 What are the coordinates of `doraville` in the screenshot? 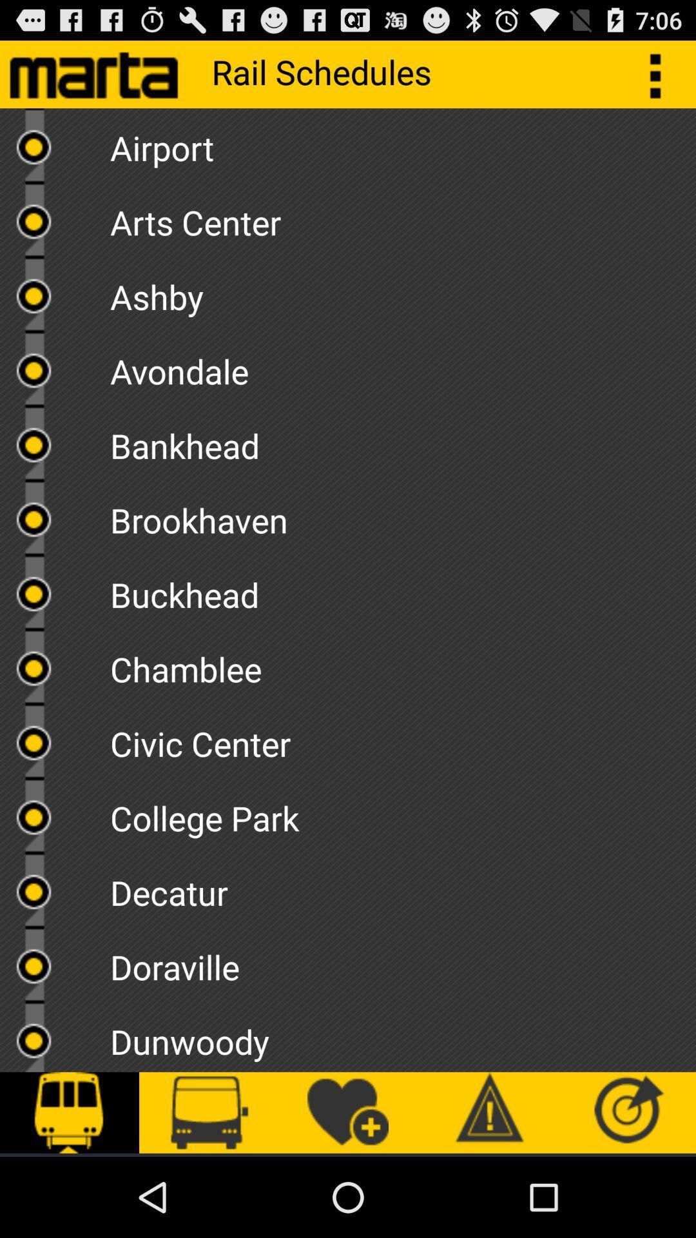 It's located at (402, 963).